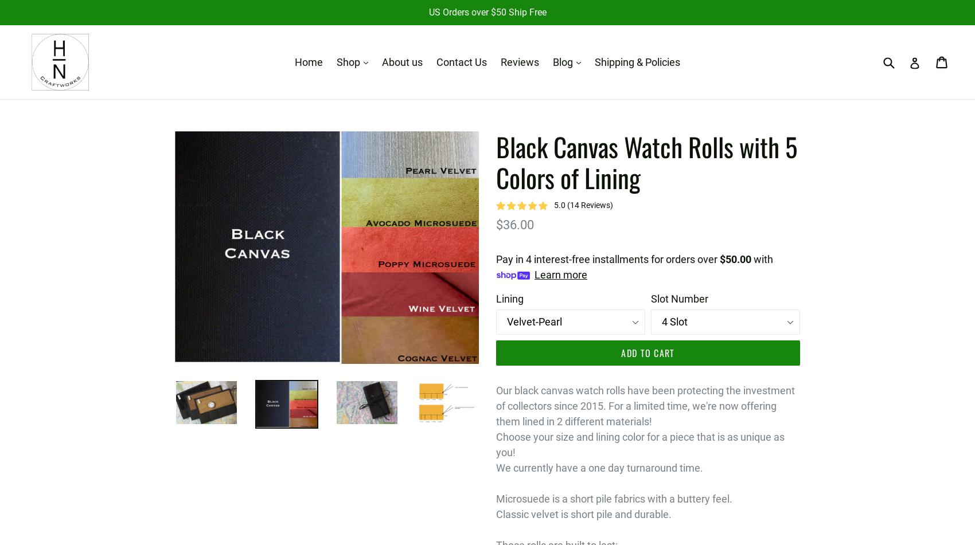 This screenshot has height=545, width=975. What do you see at coordinates (637, 62) in the screenshot?
I see `'Shipping & Policies'` at bounding box center [637, 62].